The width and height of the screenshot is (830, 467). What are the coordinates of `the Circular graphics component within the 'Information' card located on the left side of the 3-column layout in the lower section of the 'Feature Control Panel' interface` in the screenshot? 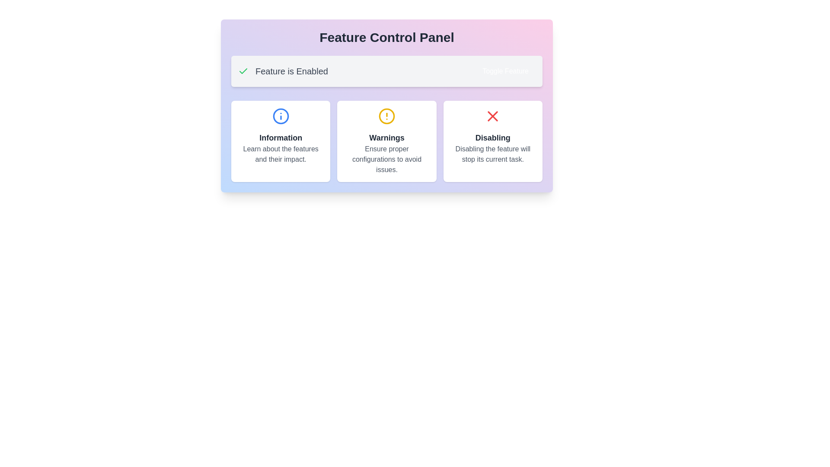 It's located at (281, 116).